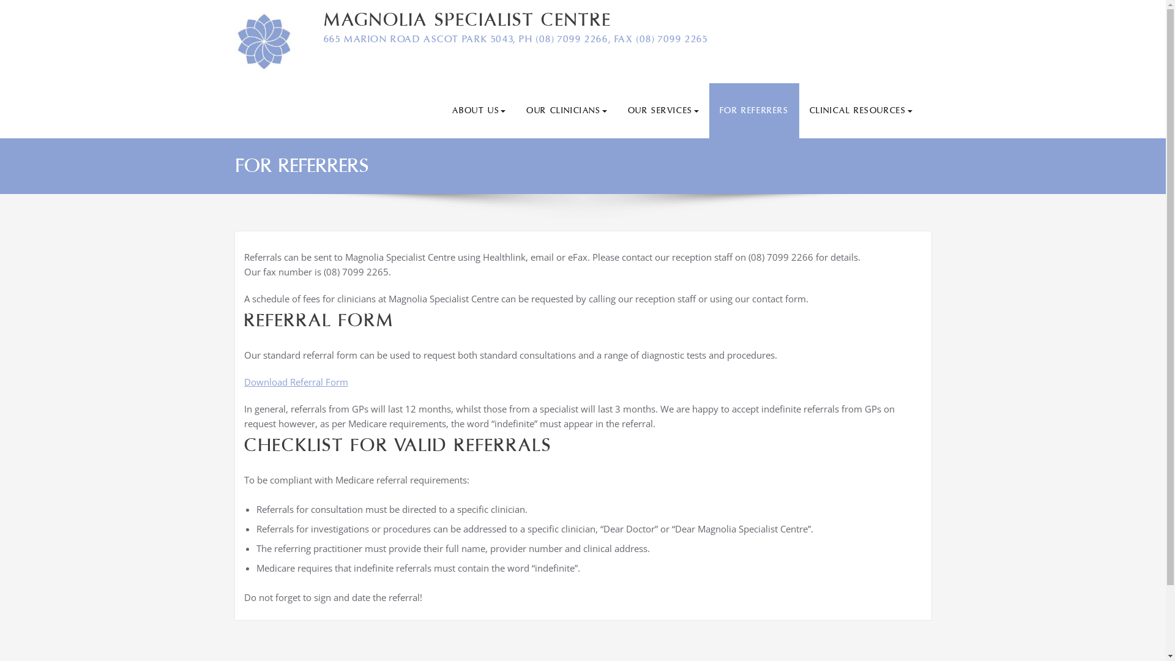 The height and width of the screenshot is (661, 1175). Describe the element at coordinates (296, 381) in the screenshot. I see `'Download Referral Form'` at that location.